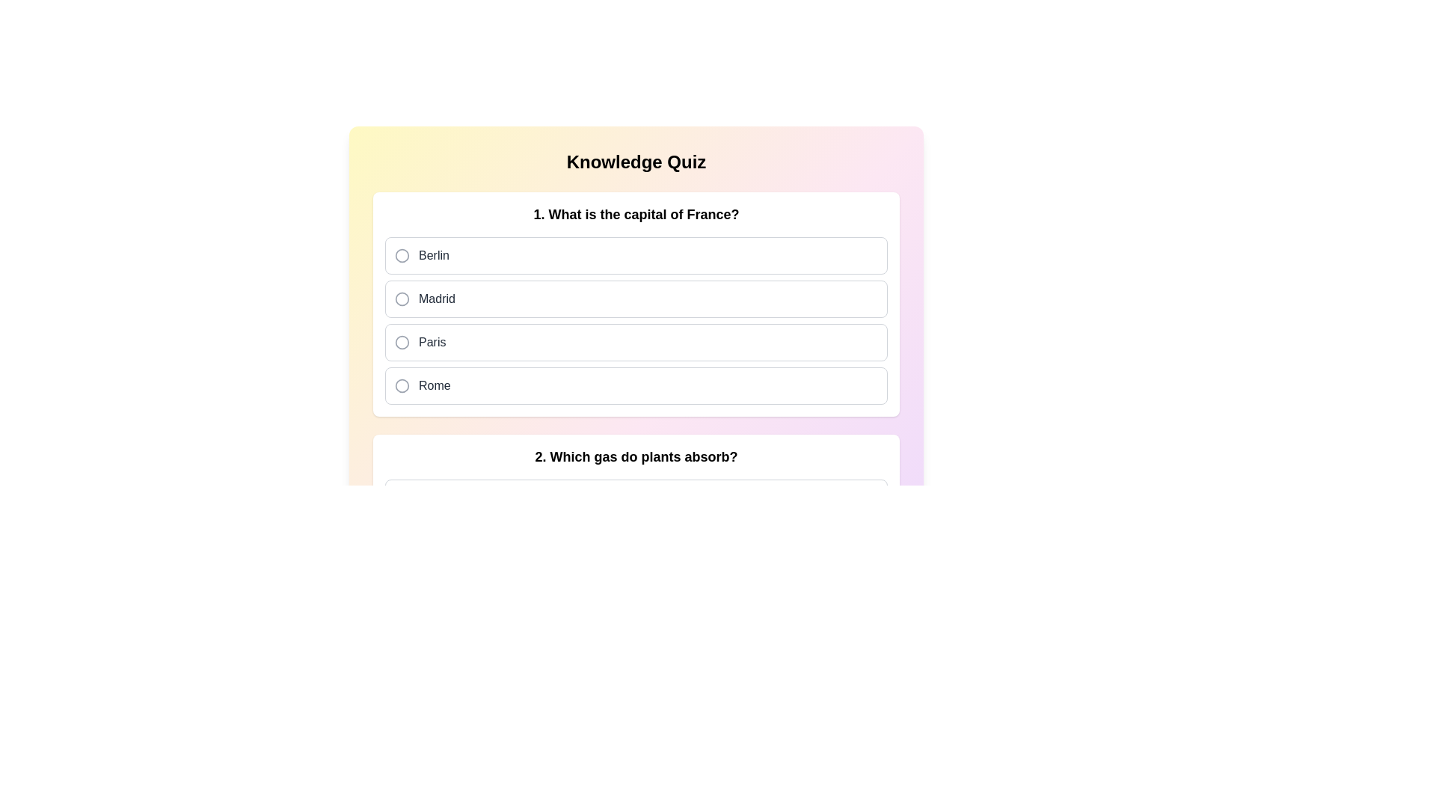 This screenshot has height=808, width=1436. Describe the element at coordinates (636, 299) in the screenshot. I see `the radio button option labeled 'Madrid'` at that location.